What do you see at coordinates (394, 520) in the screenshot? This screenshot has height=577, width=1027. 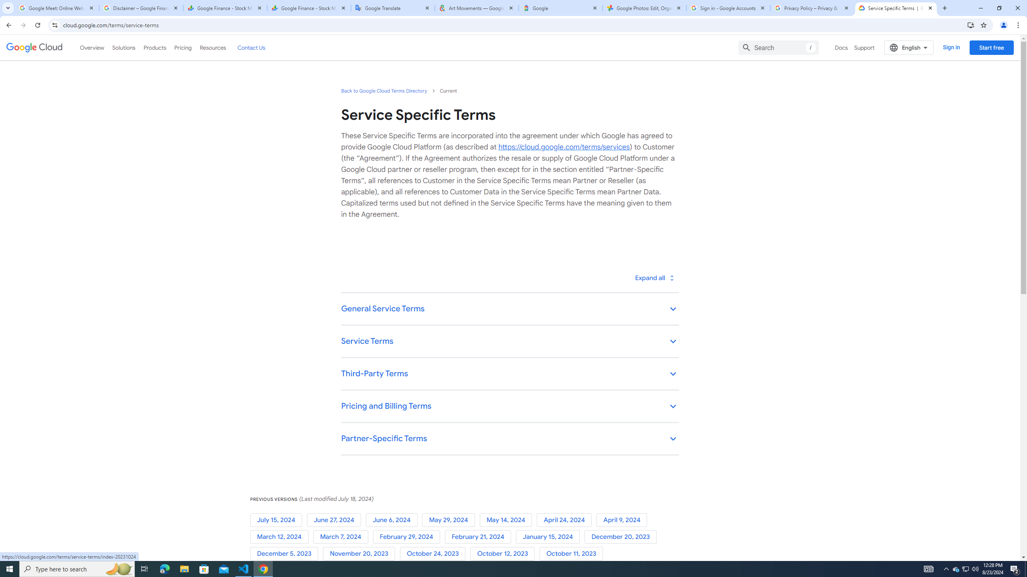 I see `'June 6, 2024'` at bounding box center [394, 520].